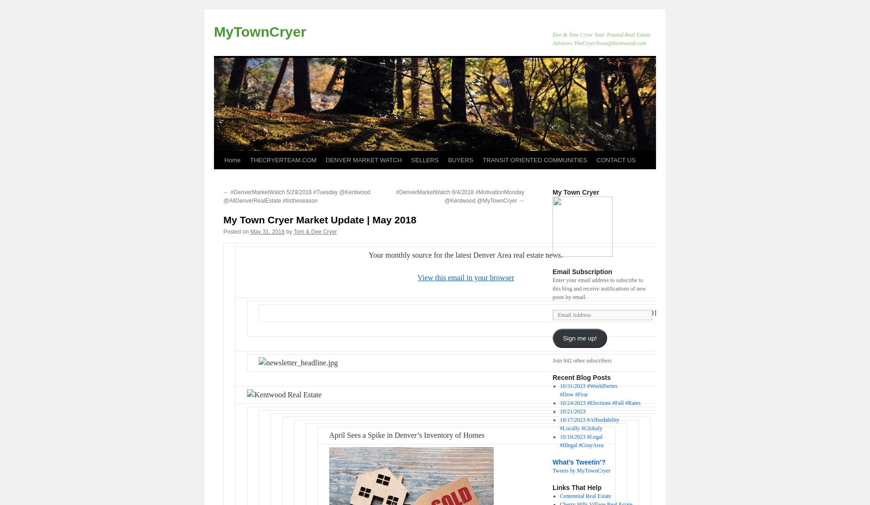 The height and width of the screenshot is (505, 870). I want to click on '10/10/2023 #Legal #Illegal #GrayArea', so click(581, 441).